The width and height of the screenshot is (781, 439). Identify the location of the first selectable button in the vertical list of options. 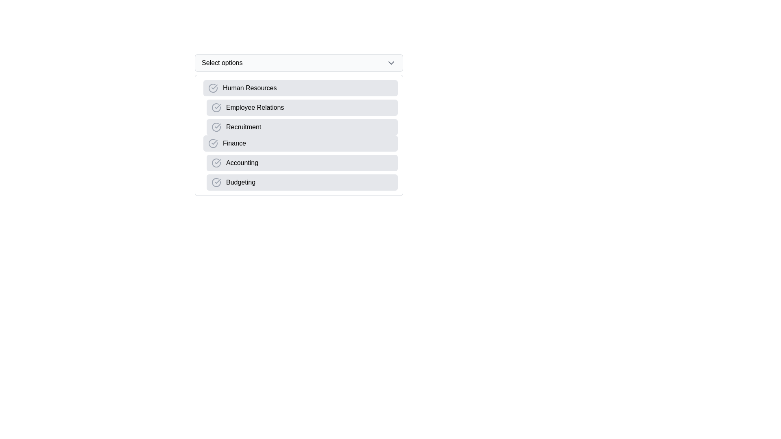
(300, 88).